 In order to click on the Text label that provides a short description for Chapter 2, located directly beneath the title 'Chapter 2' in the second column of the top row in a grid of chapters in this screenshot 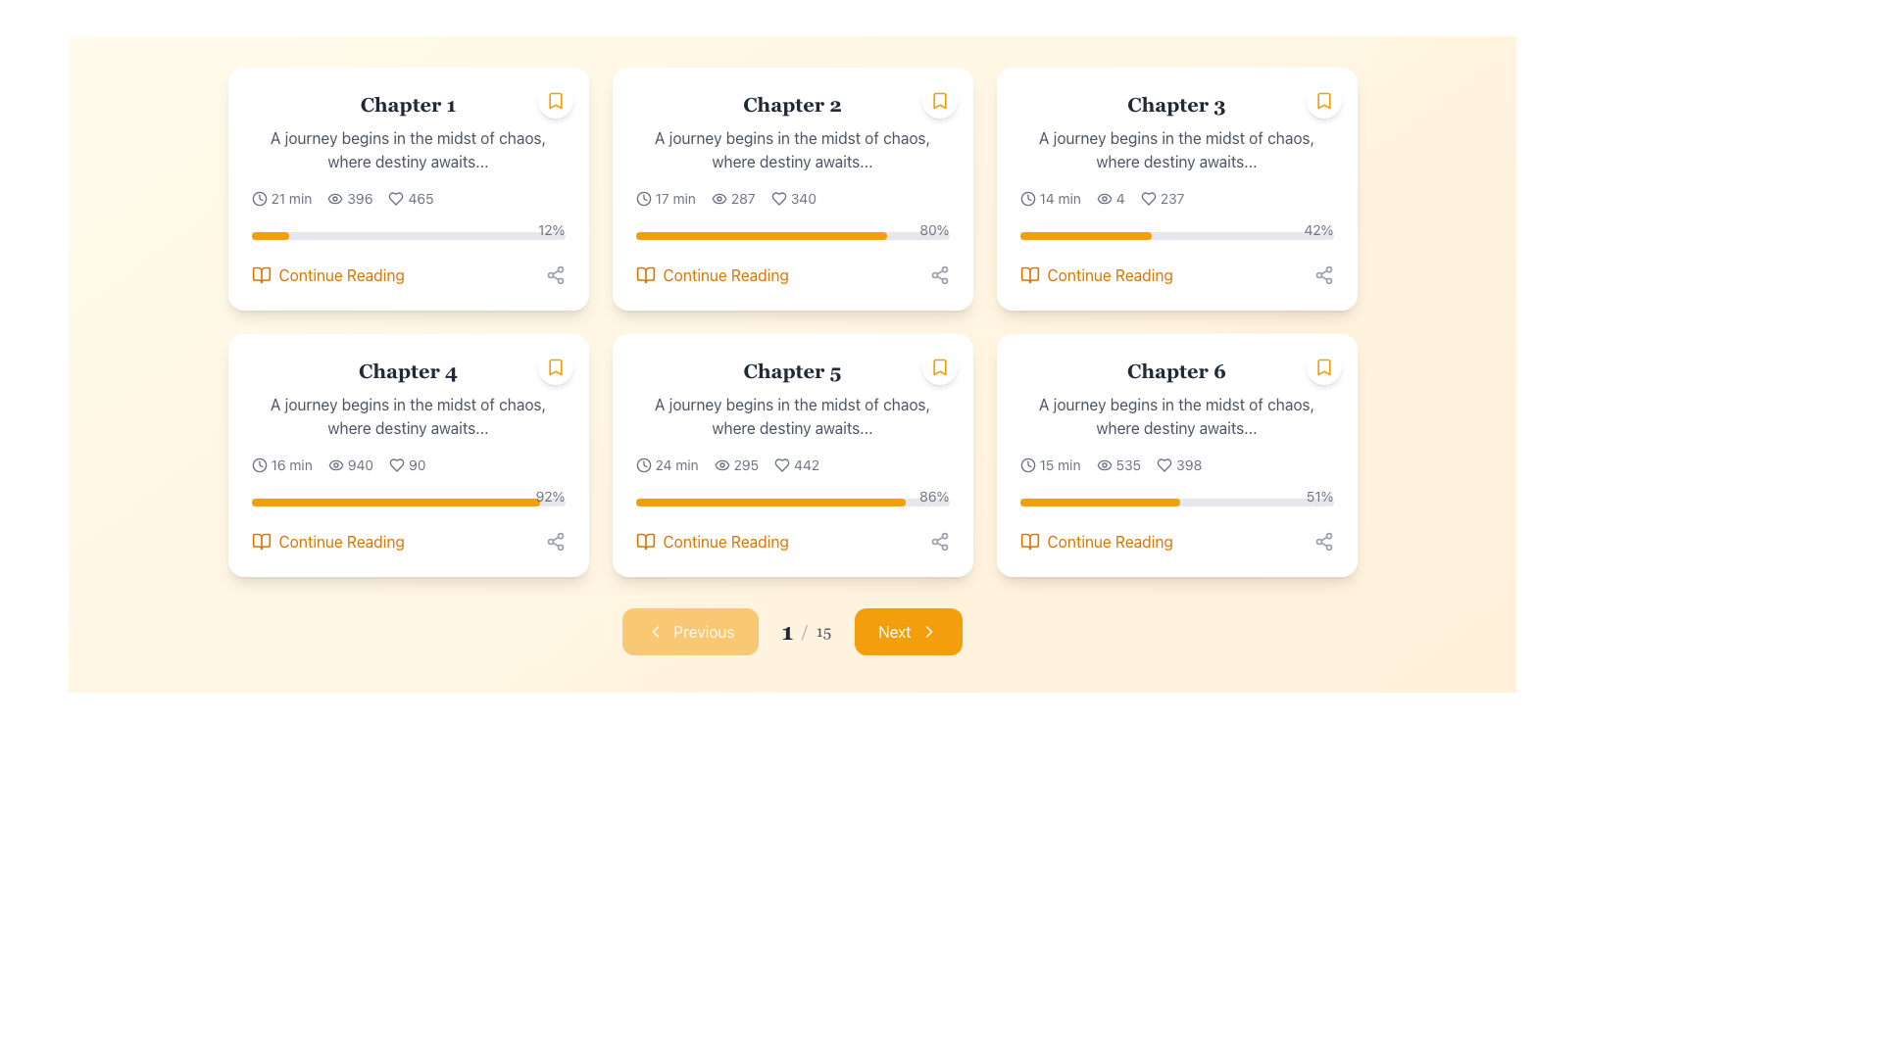, I will do `click(792, 149)`.